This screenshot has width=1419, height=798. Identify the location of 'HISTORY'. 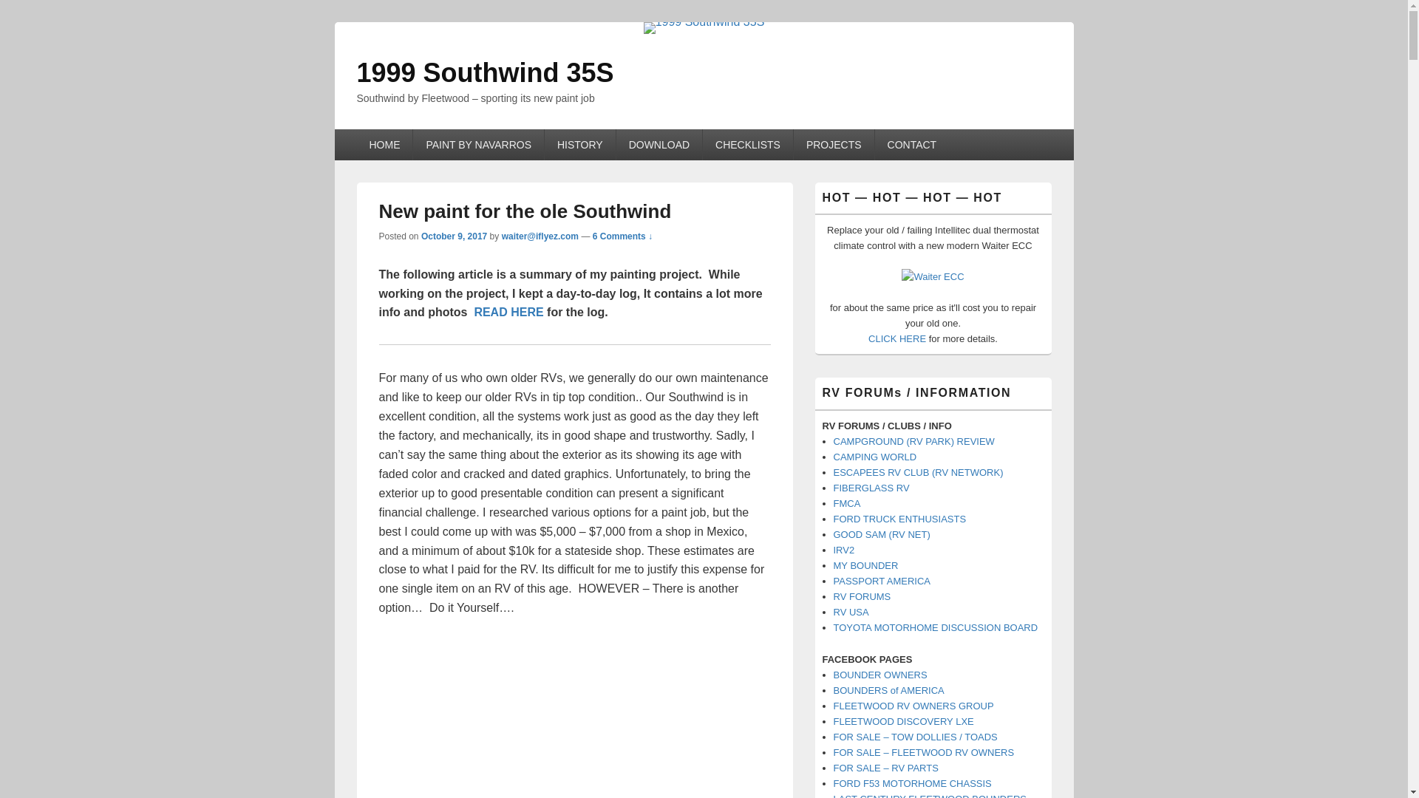
(579, 145).